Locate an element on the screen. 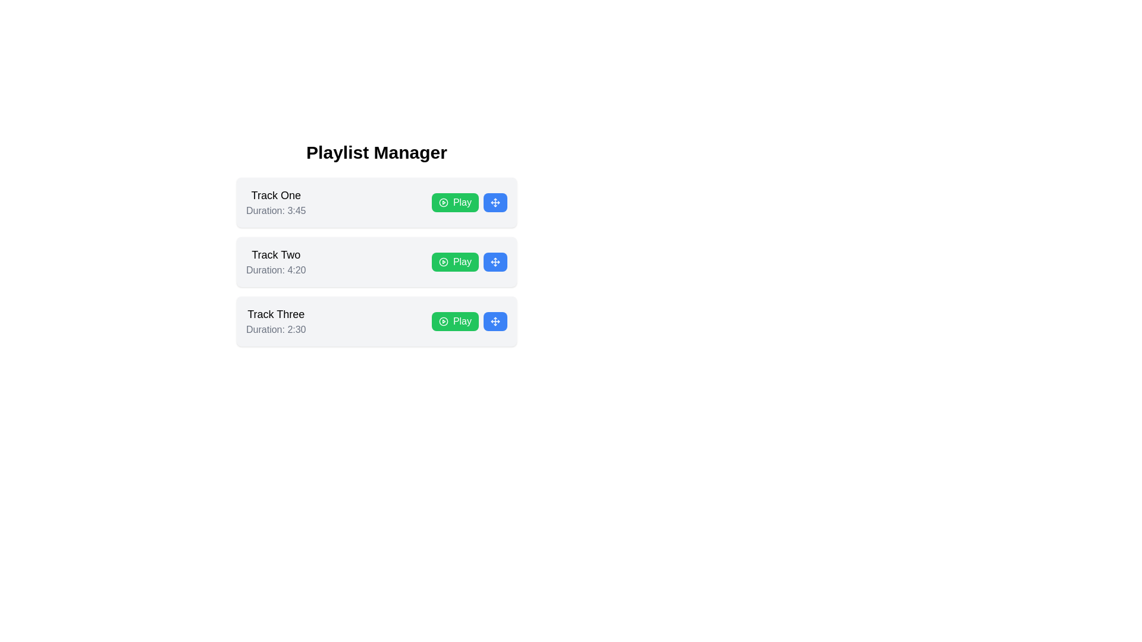 Image resolution: width=1142 pixels, height=642 pixels. the button in the first row designed to play the 'Track One' audio to initiate playback is located at coordinates (469, 202).